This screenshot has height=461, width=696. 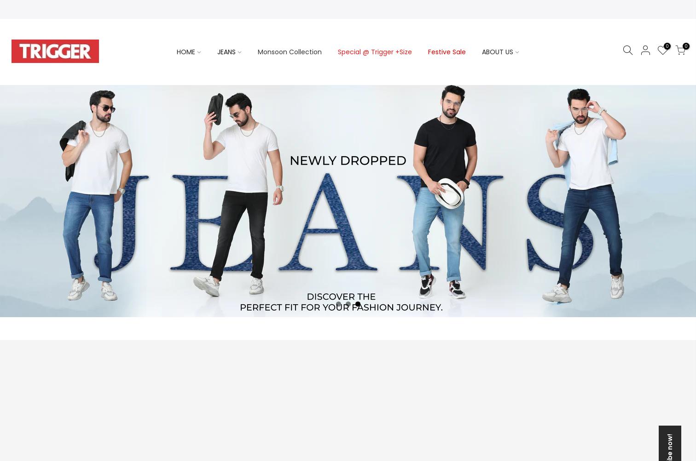 I want to click on 'Trousers', so click(x=115, y=154).